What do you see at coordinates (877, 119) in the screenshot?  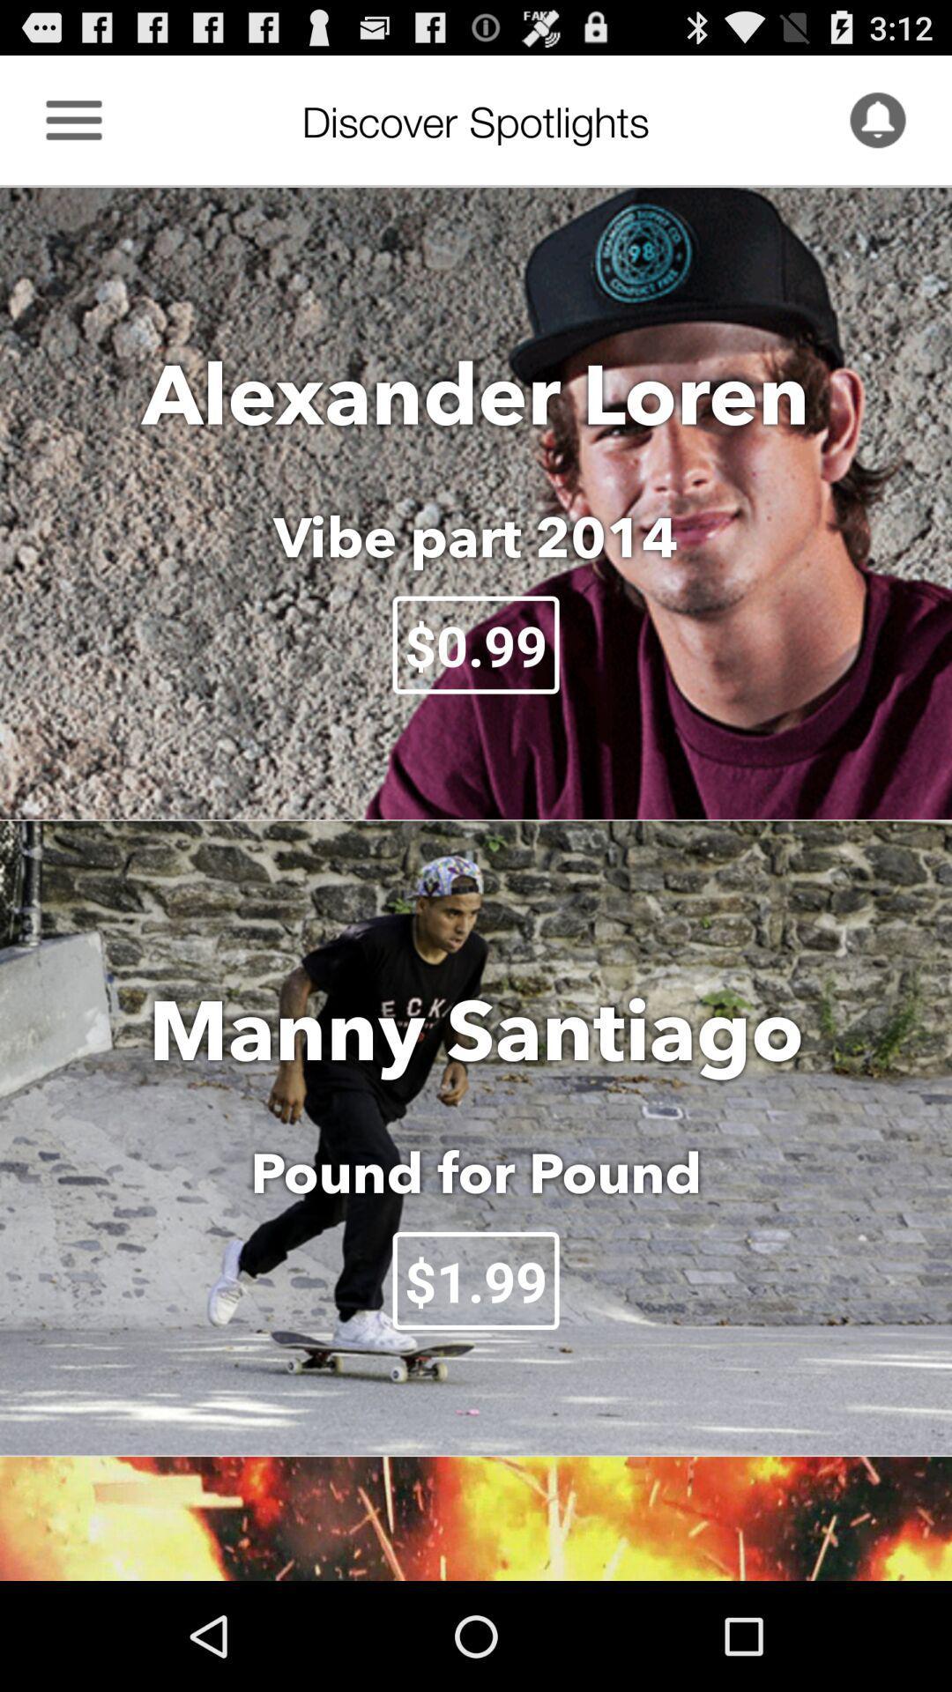 I see `the item at the top right corner` at bounding box center [877, 119].